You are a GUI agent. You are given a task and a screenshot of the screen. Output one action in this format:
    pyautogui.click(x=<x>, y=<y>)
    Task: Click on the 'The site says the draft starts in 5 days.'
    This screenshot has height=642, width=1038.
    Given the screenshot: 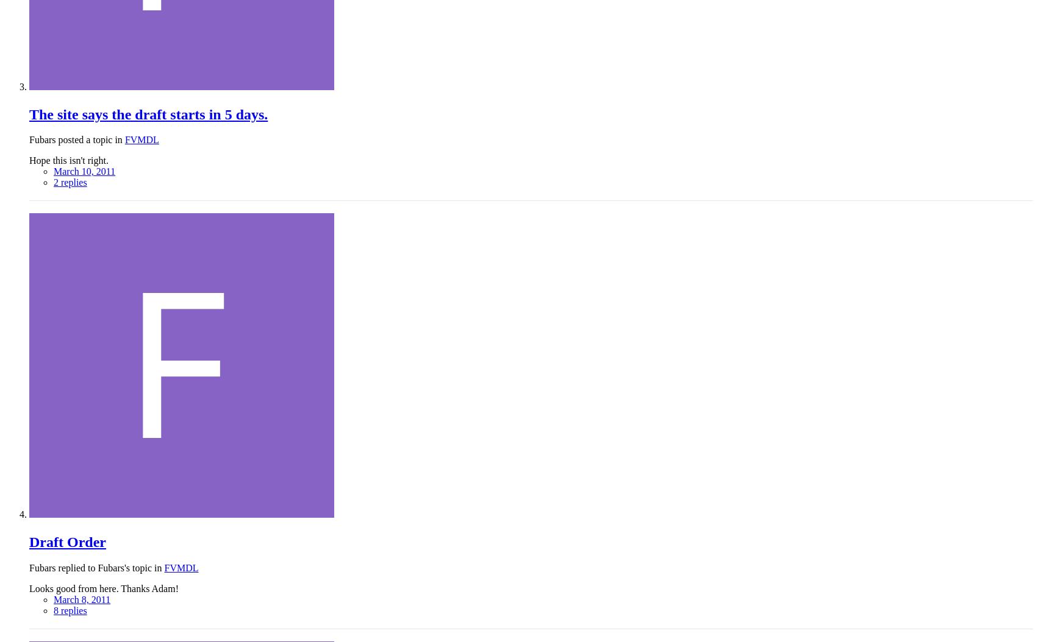 What is the action you would take?
    pyautogui.click(x=148, y=113)
    